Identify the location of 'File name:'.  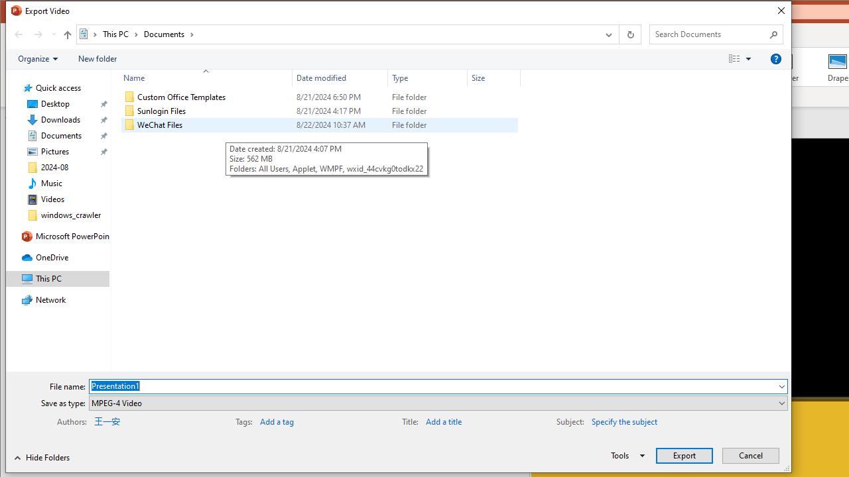
(432, 386).